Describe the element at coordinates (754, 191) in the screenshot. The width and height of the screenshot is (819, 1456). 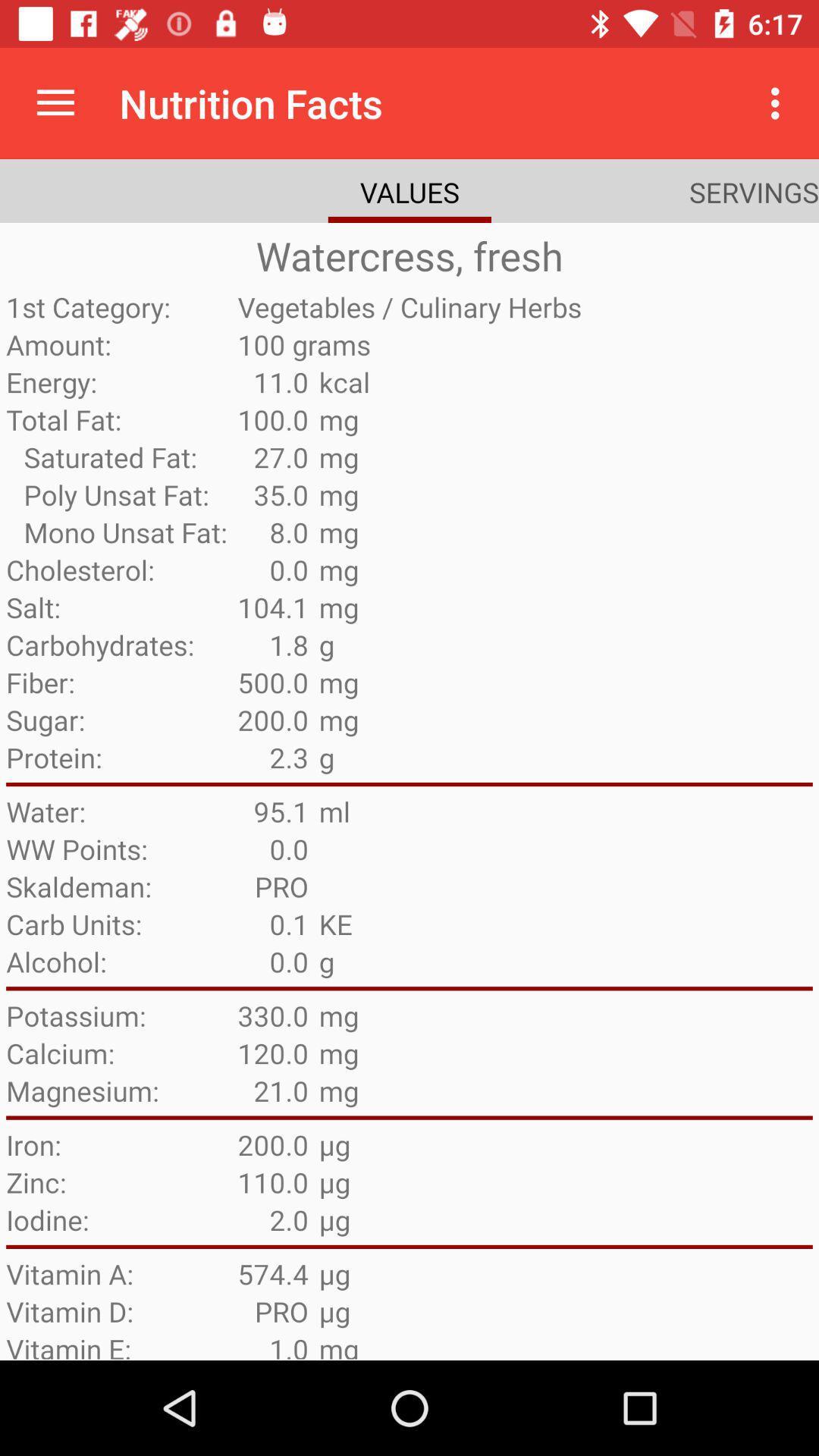
I see `the servings item` at that location.